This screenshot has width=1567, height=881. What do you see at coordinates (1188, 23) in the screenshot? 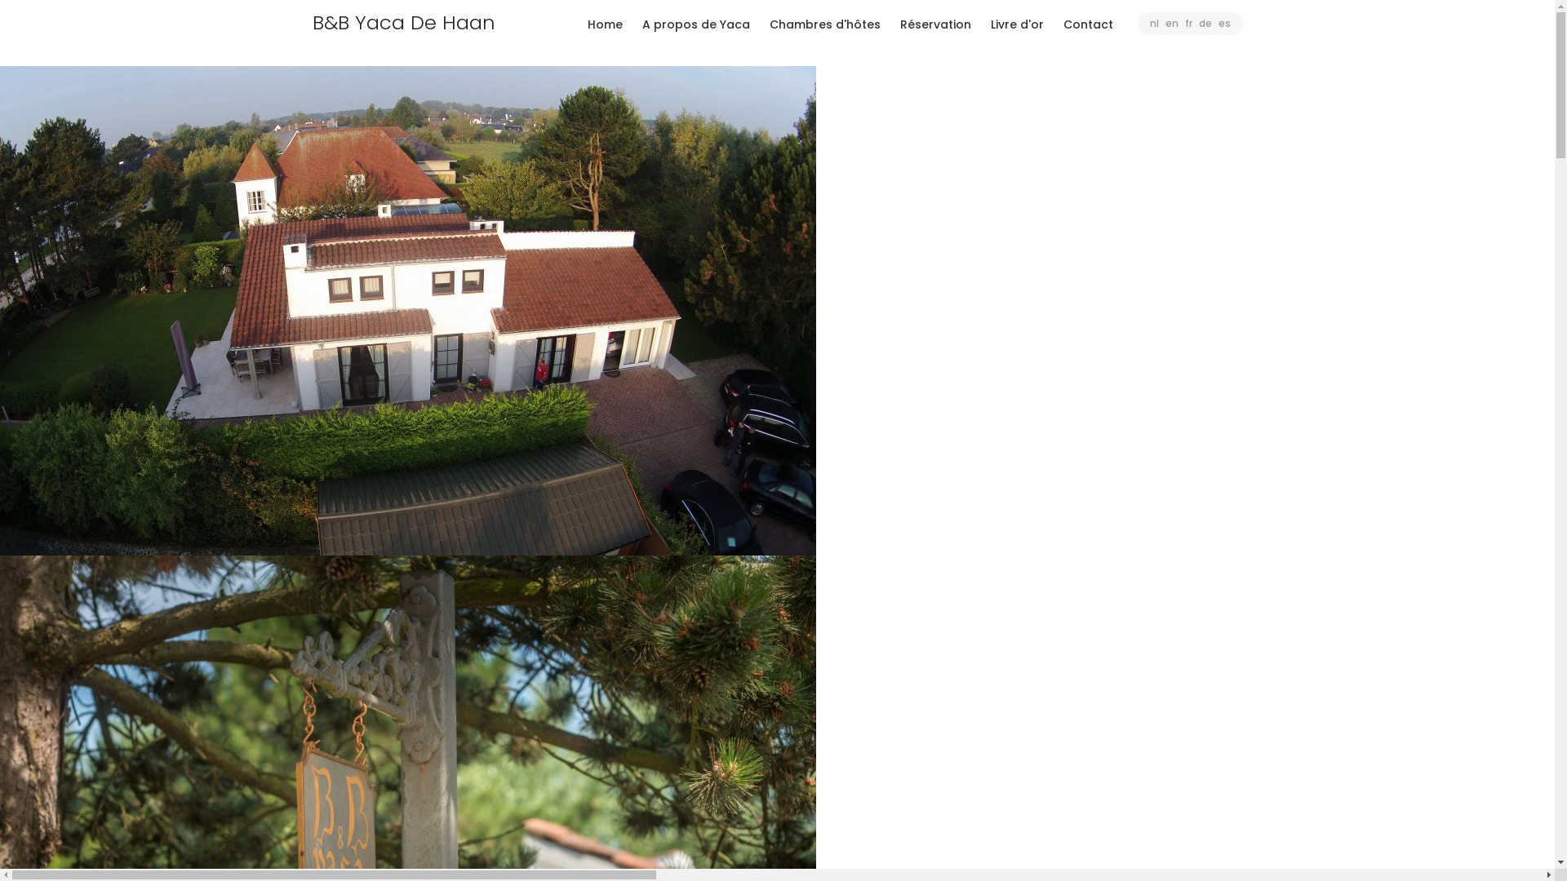
I see `'fr'` at bounding box center [1188, 23].